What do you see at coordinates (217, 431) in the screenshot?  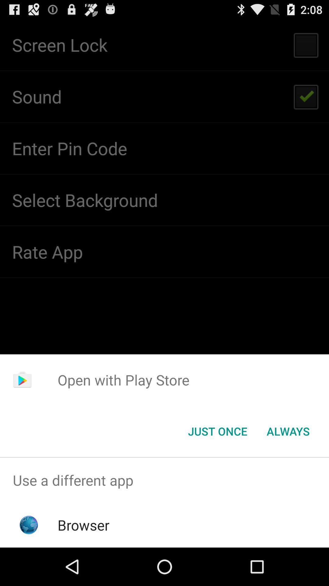 I see `the icon next to the always button` at bounding box center [217, 431].